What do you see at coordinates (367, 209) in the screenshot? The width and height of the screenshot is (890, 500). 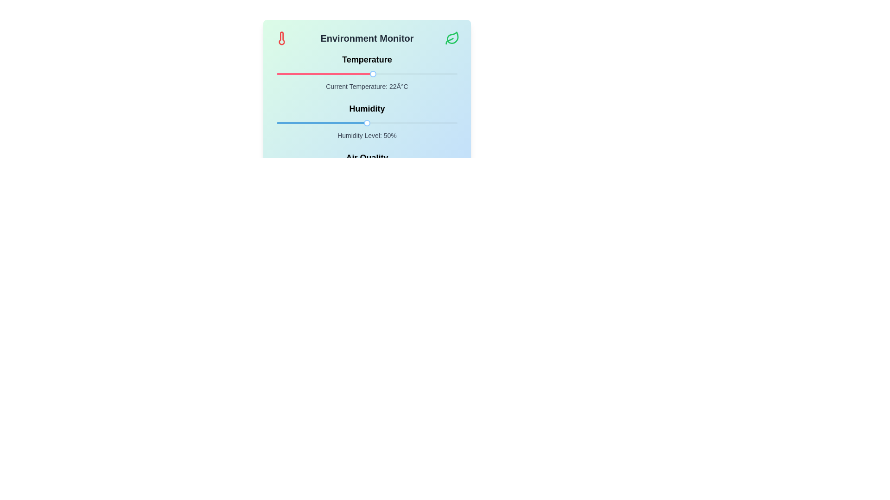 I see `the rectangular button with rounded corners labeled 'Save Settings'` at bounding box center [367, 209].